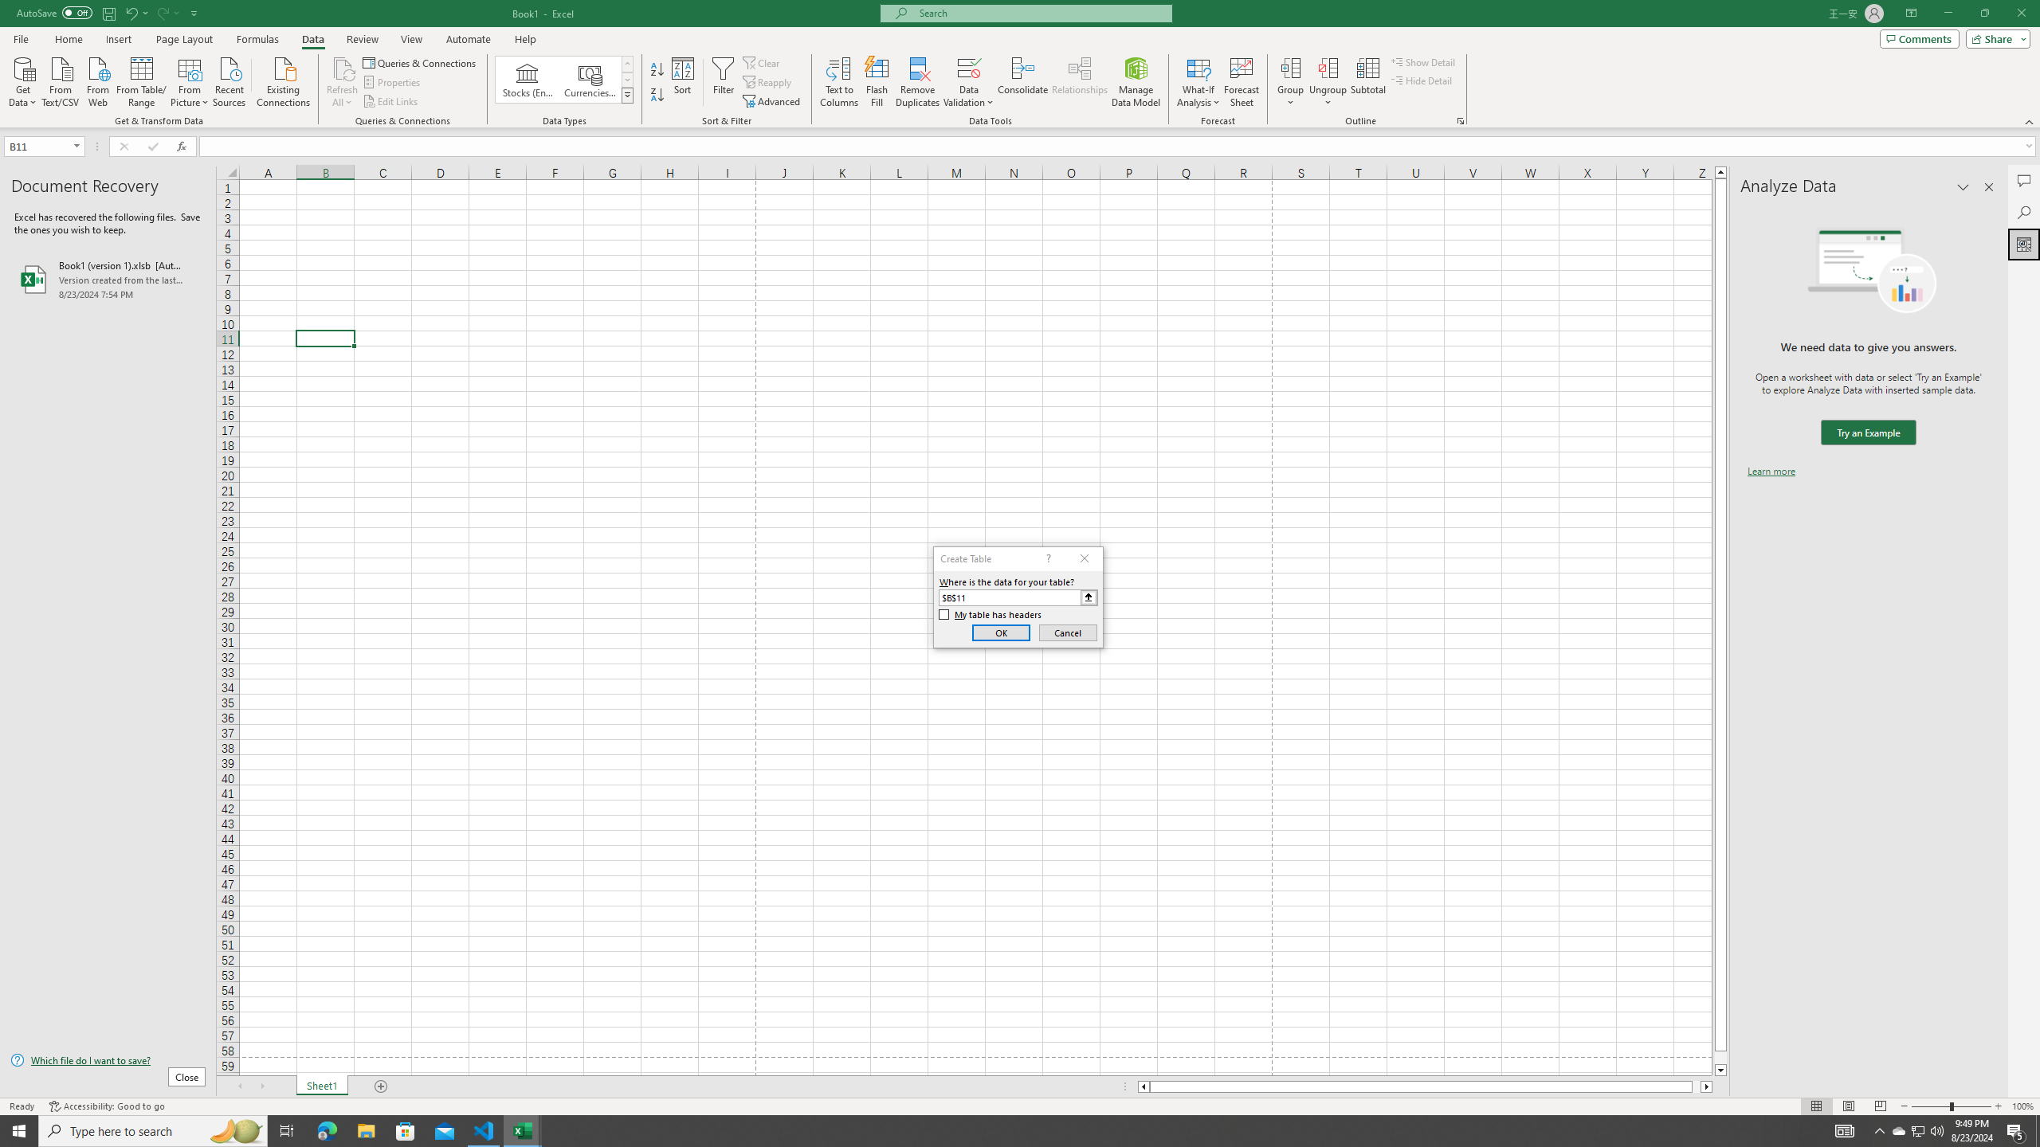 The height and width of the screenshot is (1147, 2040). I want to click on 'Row up', so click(627, 64).